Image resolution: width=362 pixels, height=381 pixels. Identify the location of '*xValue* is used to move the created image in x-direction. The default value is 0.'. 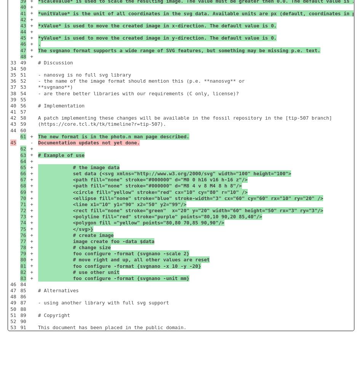
(157, 25).